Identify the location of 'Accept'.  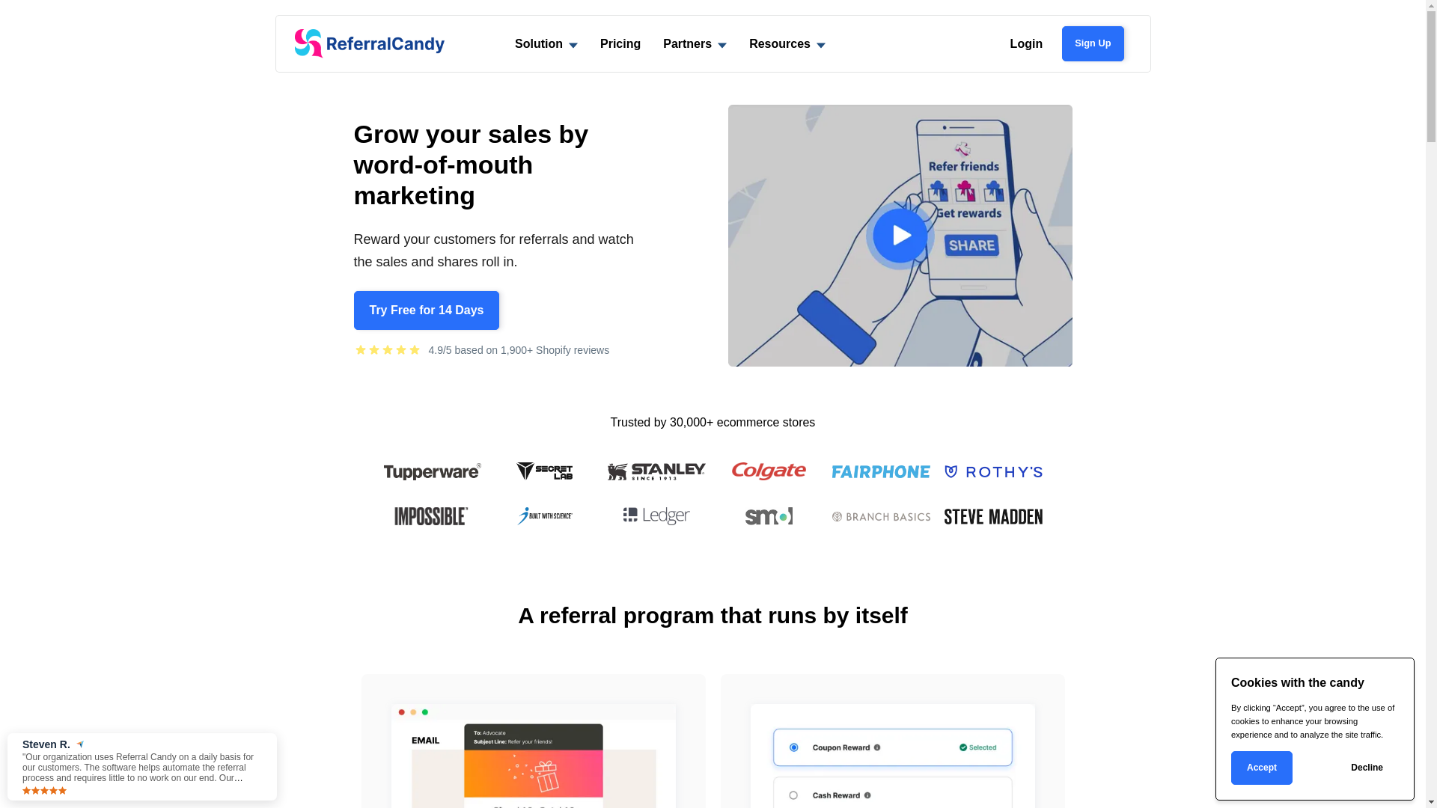
(1231, 768).